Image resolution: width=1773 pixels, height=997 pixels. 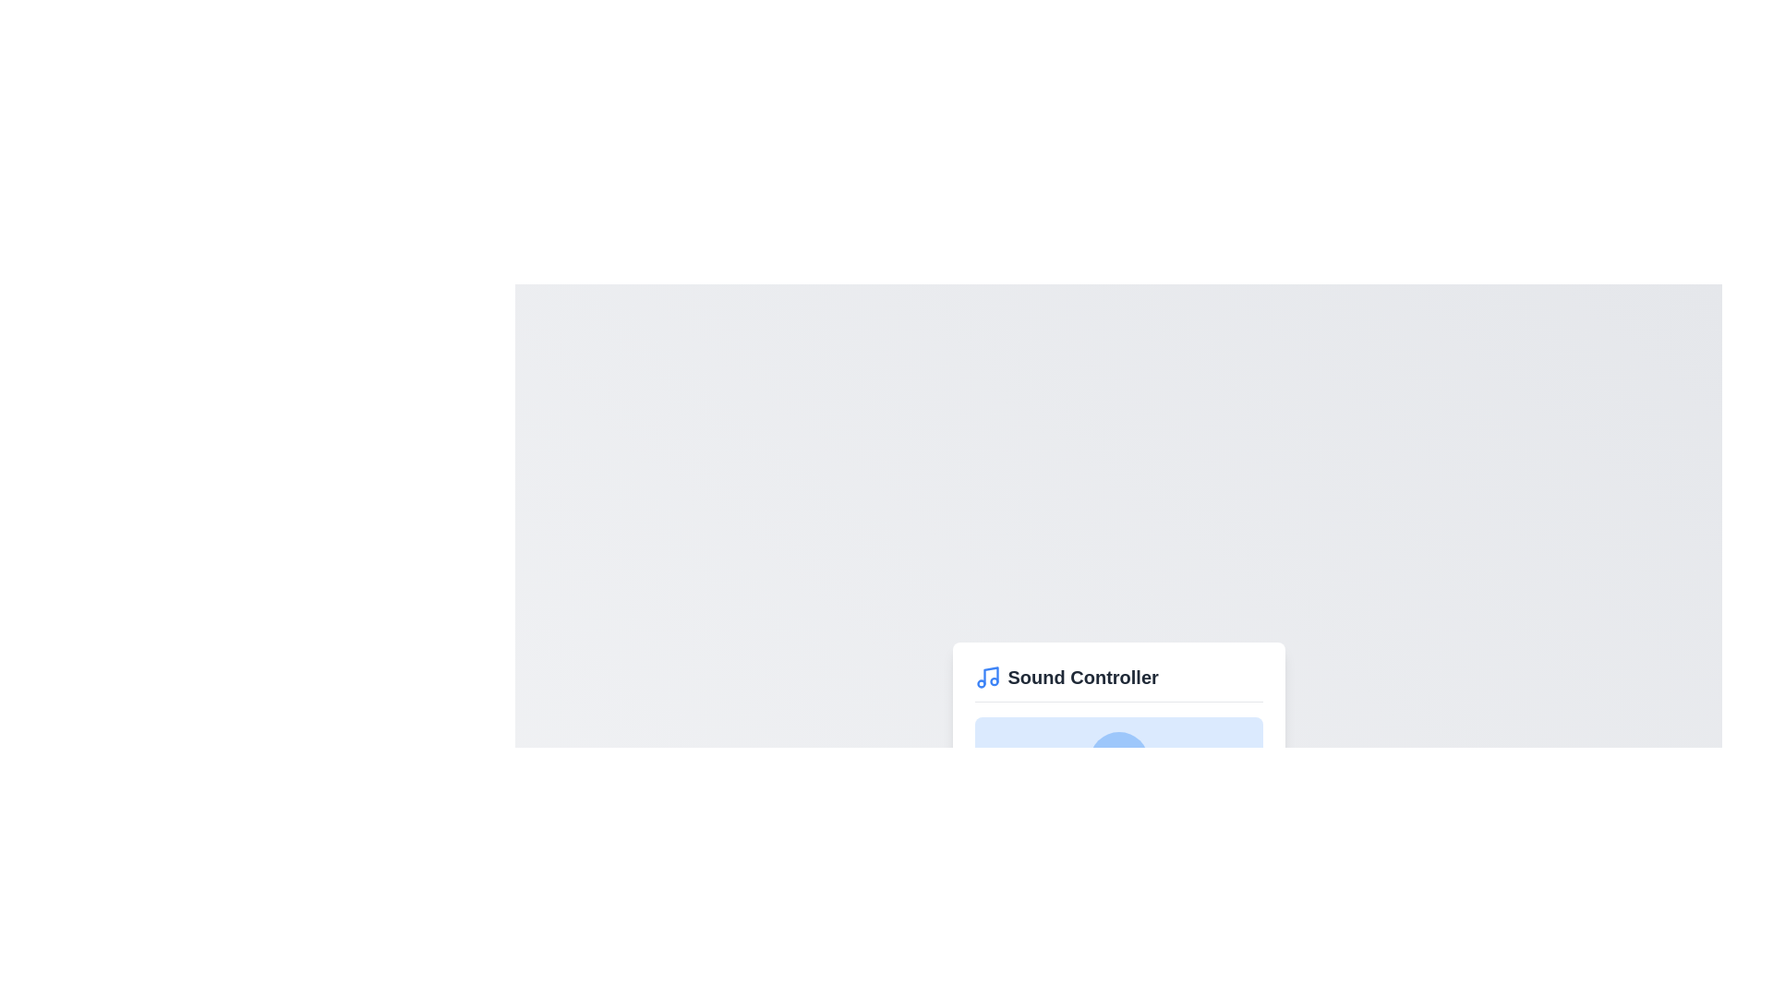 What do you see at coordinates (1129, 827) in the screenshot?
I see `the volume to 54% by interacting with the slider` at bounding box center [1129, 827].